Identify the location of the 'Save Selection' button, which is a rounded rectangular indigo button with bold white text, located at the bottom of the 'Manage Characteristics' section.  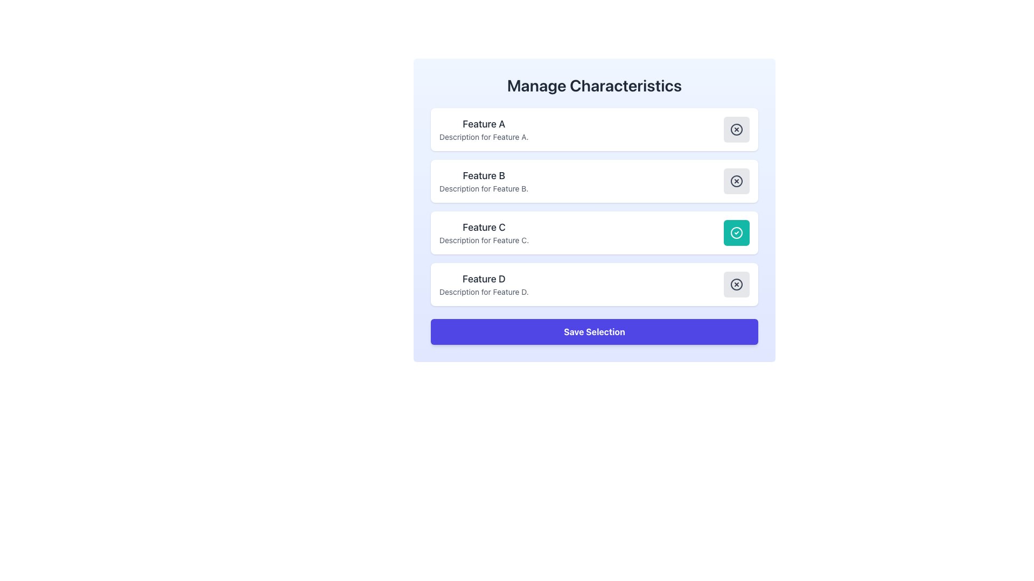
(594, 331).